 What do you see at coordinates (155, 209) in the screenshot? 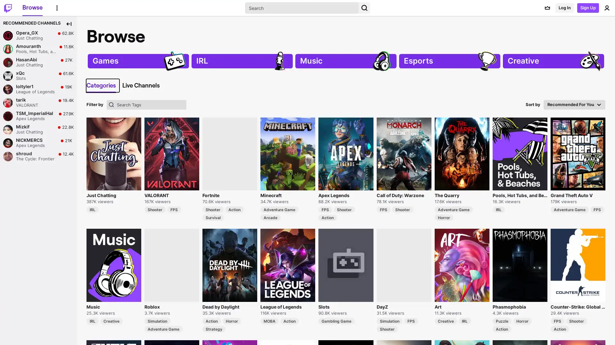
I see `Shooter` at bounding box center [155, 209].